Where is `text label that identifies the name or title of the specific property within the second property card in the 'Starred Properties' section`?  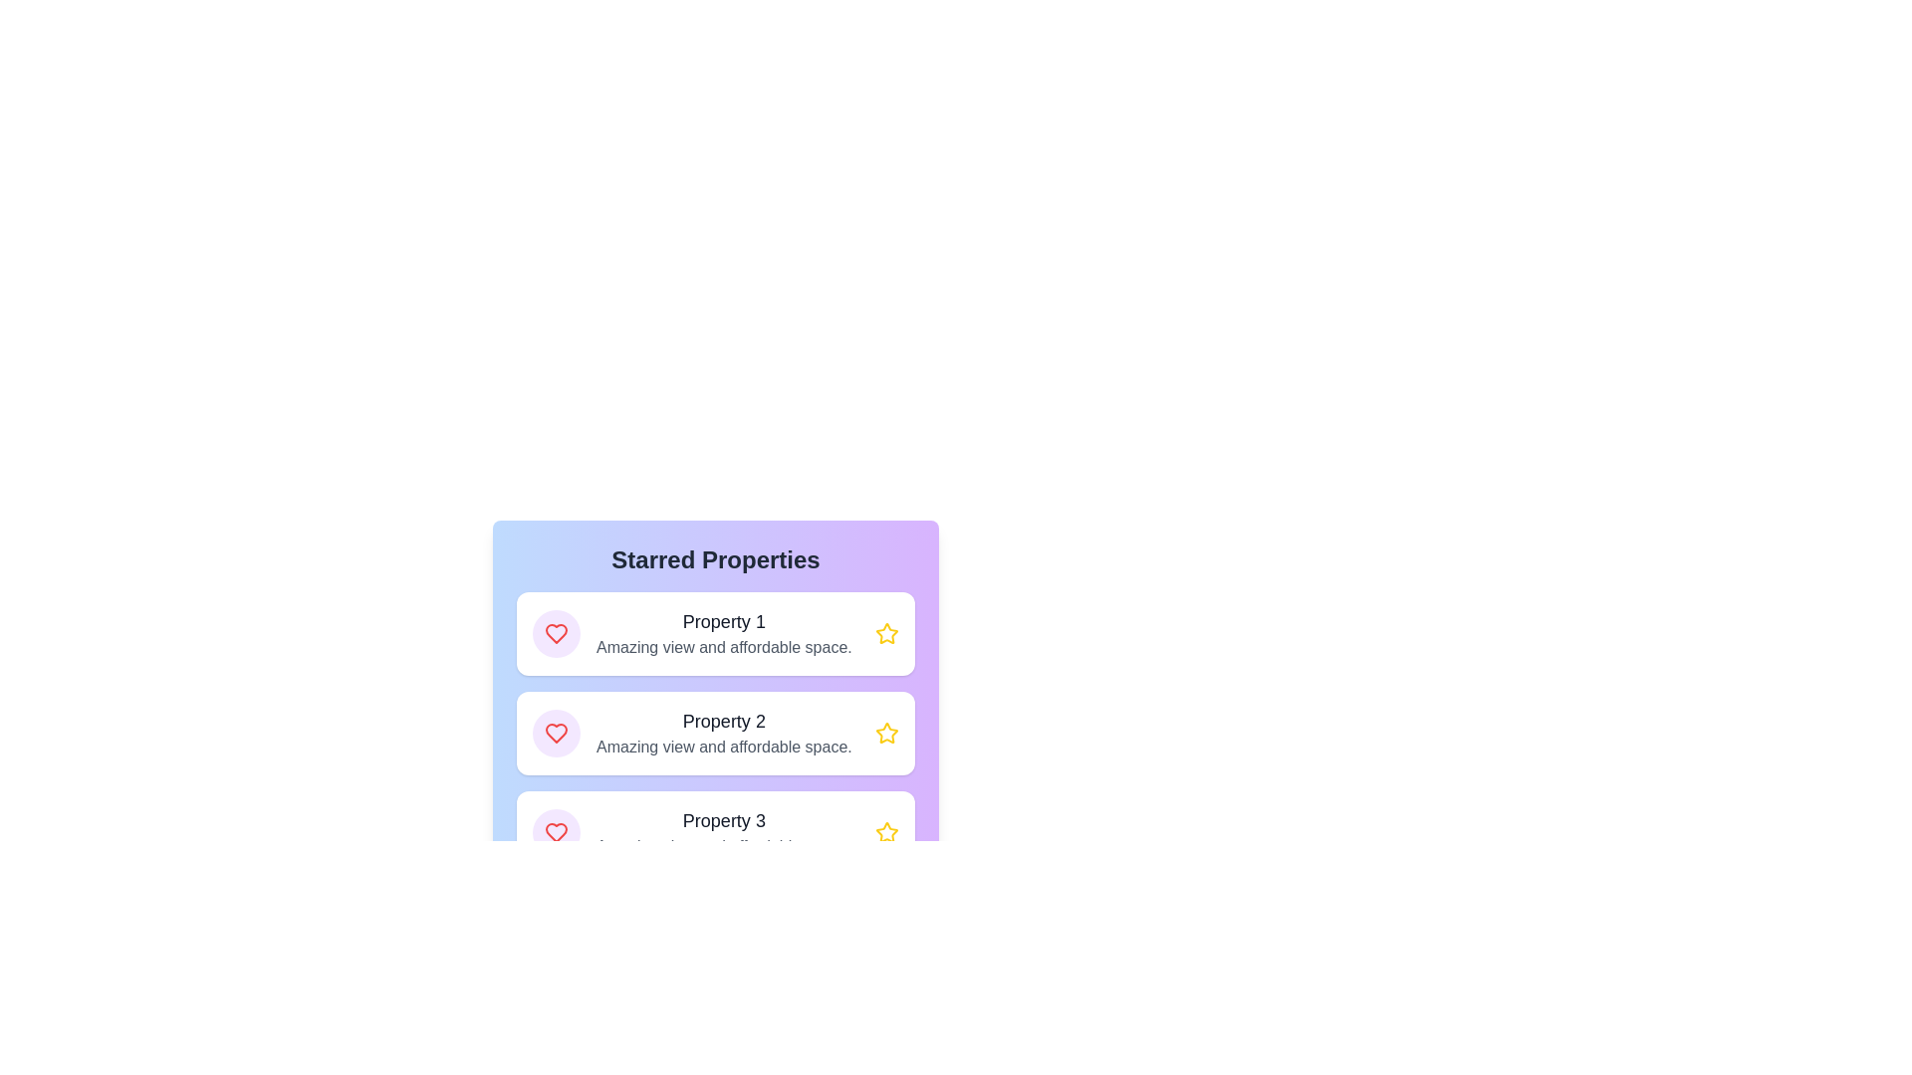
text label that identifies the name or title of the specific property within the second property card in the 'Starred Properties' section is located at coordinates (723, 722).